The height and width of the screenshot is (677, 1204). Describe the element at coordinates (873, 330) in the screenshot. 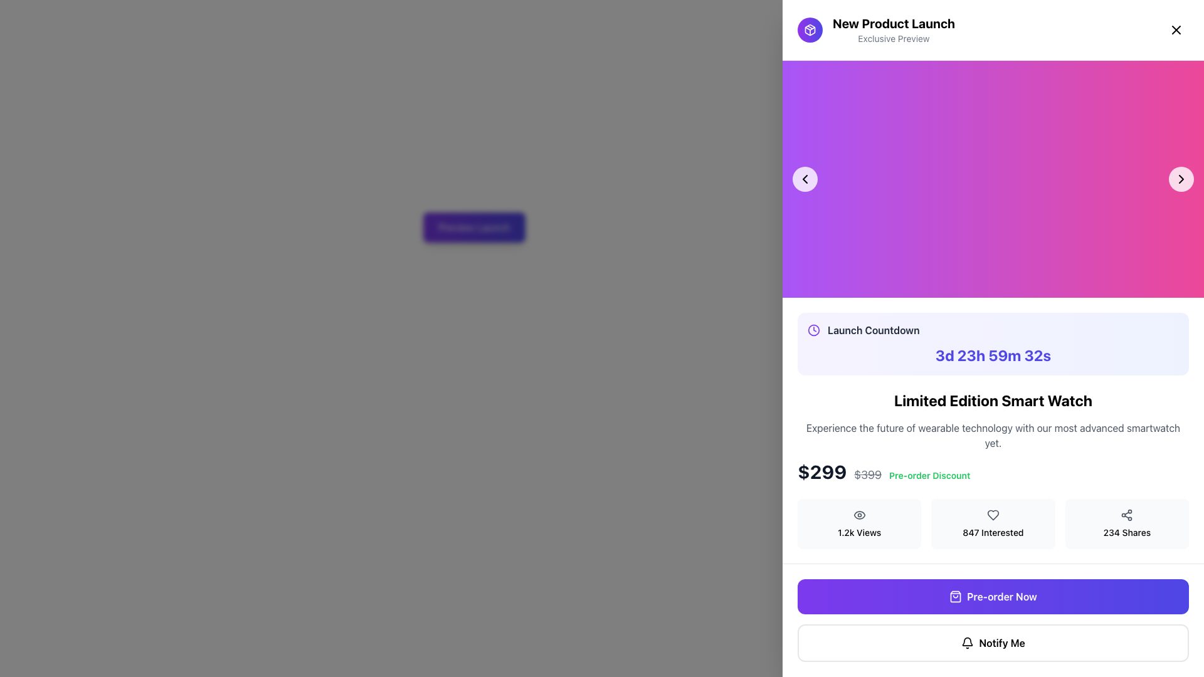

I see `the static text label that serves as a heading for the countdown timer, located in the right panel of the interface, next to a clock icon` at that location.